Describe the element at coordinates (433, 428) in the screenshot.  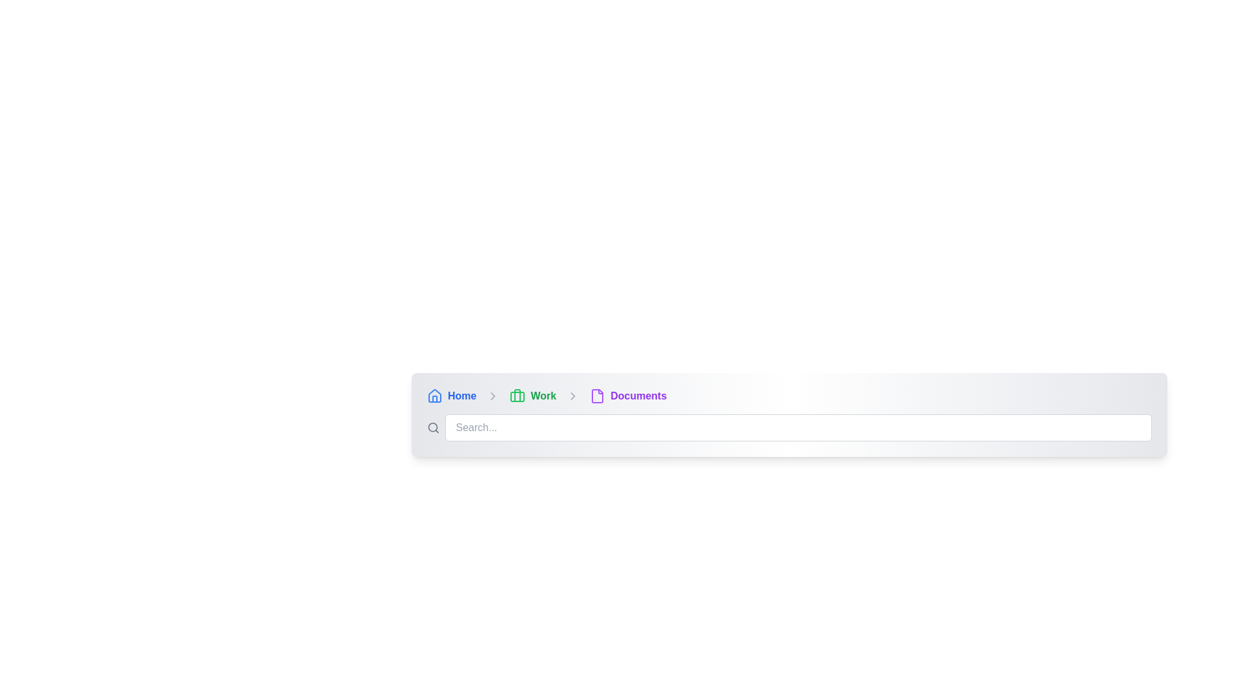
I see `the search icon, which is a gray magnifying glass shape located to the left of the search input field` at that location.